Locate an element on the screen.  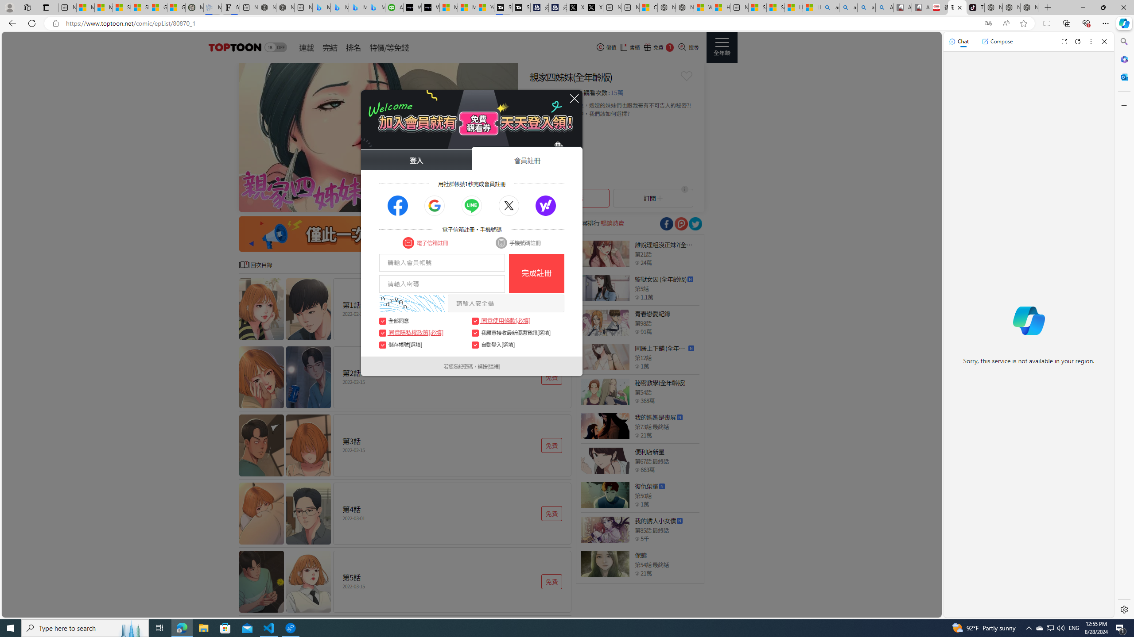
'Side bar' is located at coordinates (1124, 325).